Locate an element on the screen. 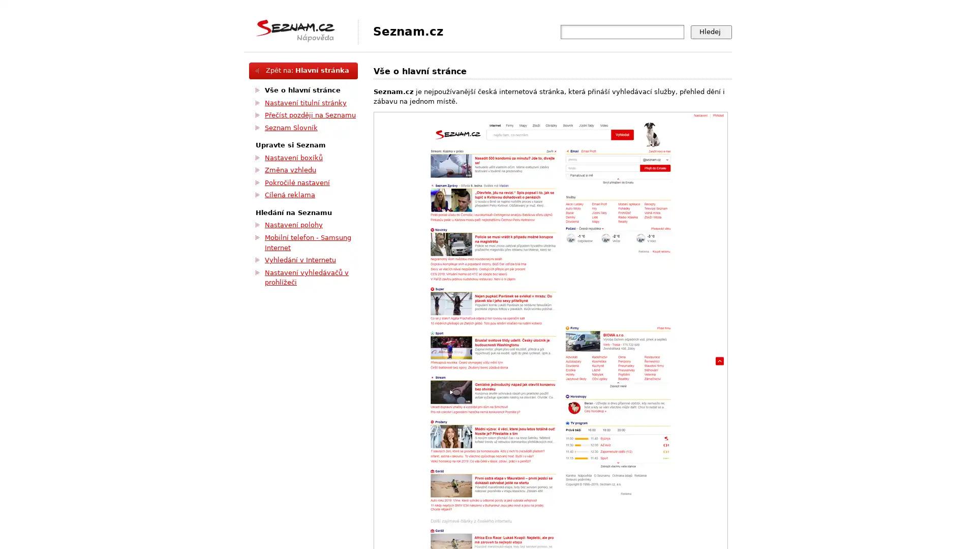  Hledej is located at coordinates (711, 31).